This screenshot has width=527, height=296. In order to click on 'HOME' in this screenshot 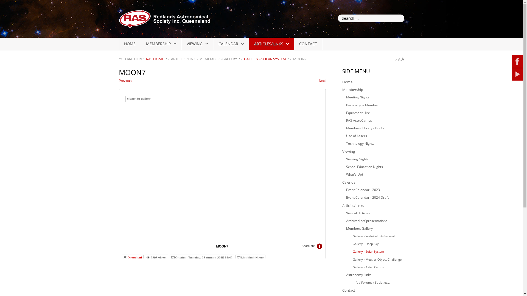, I will do `click(130, 43)`.